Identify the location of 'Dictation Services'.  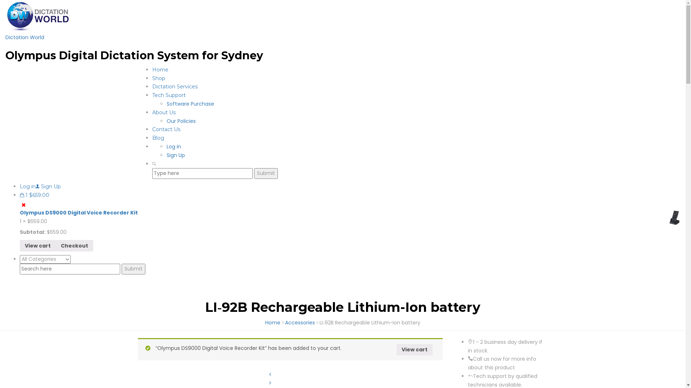
(174, 86).